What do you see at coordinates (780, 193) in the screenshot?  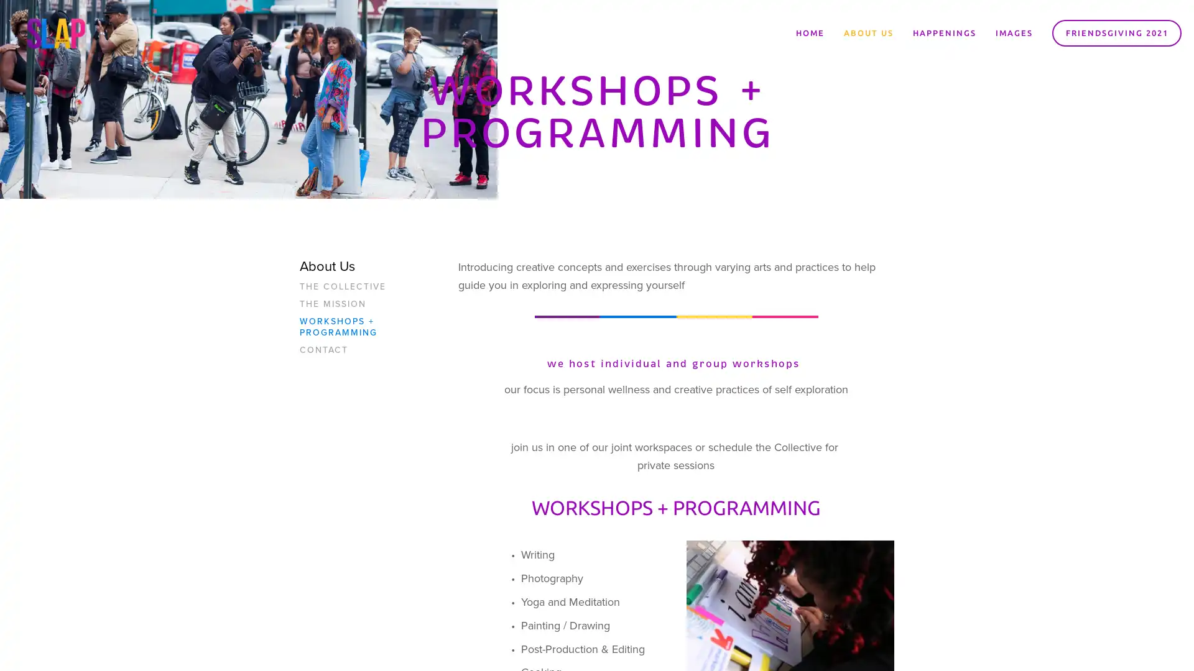 I see `Close` at bounding box center [780, 193].